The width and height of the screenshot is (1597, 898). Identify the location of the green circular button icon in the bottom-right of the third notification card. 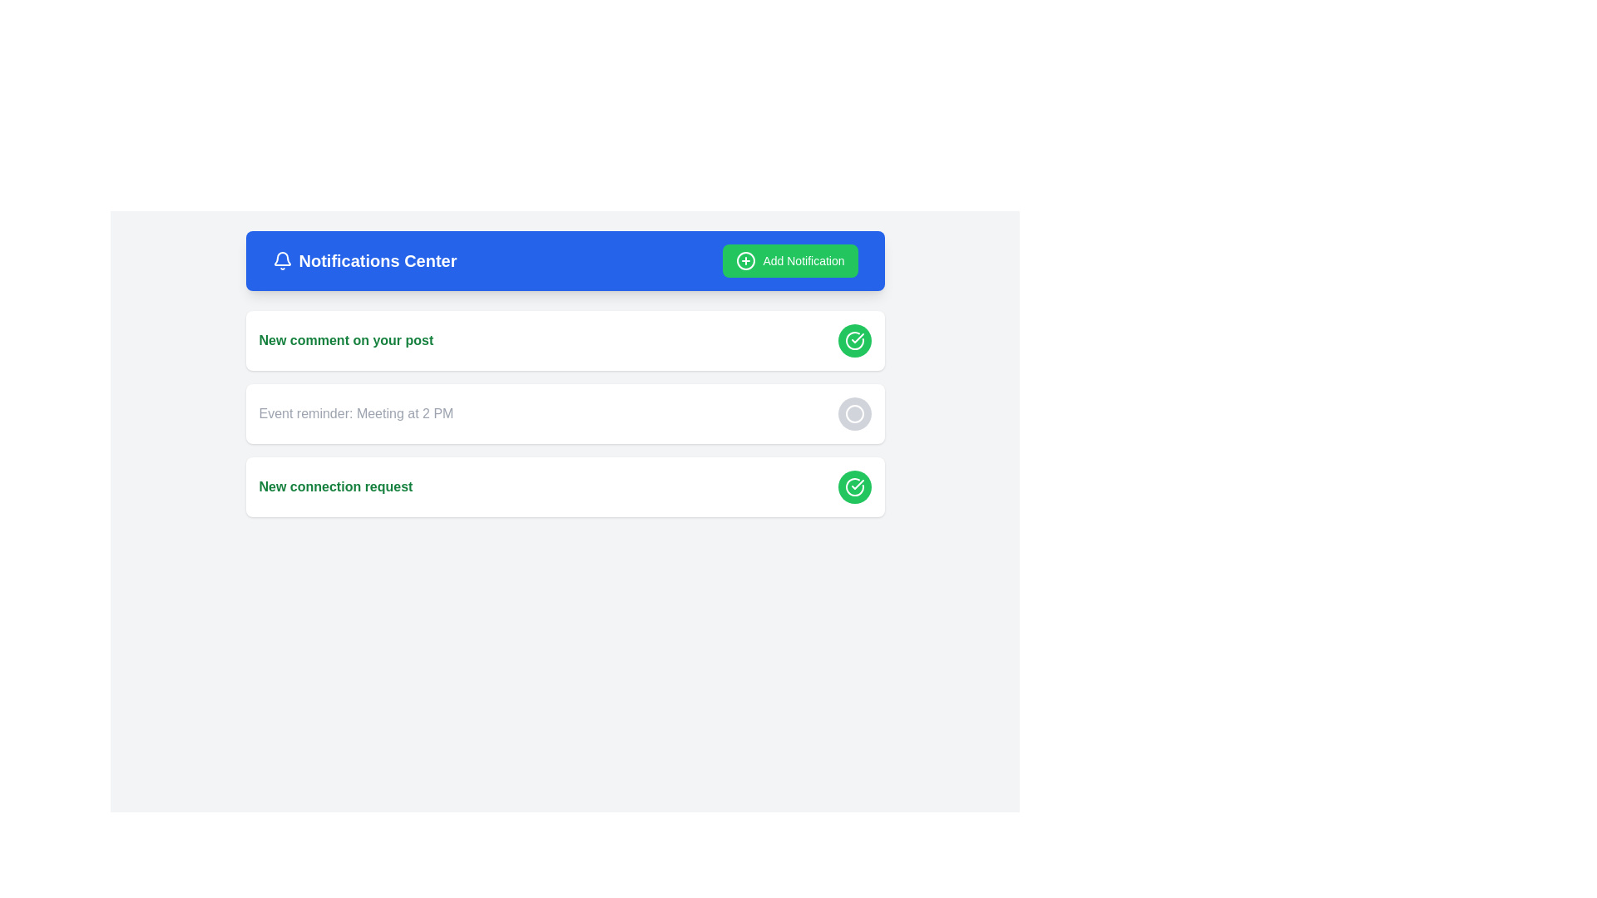
(858, 338).